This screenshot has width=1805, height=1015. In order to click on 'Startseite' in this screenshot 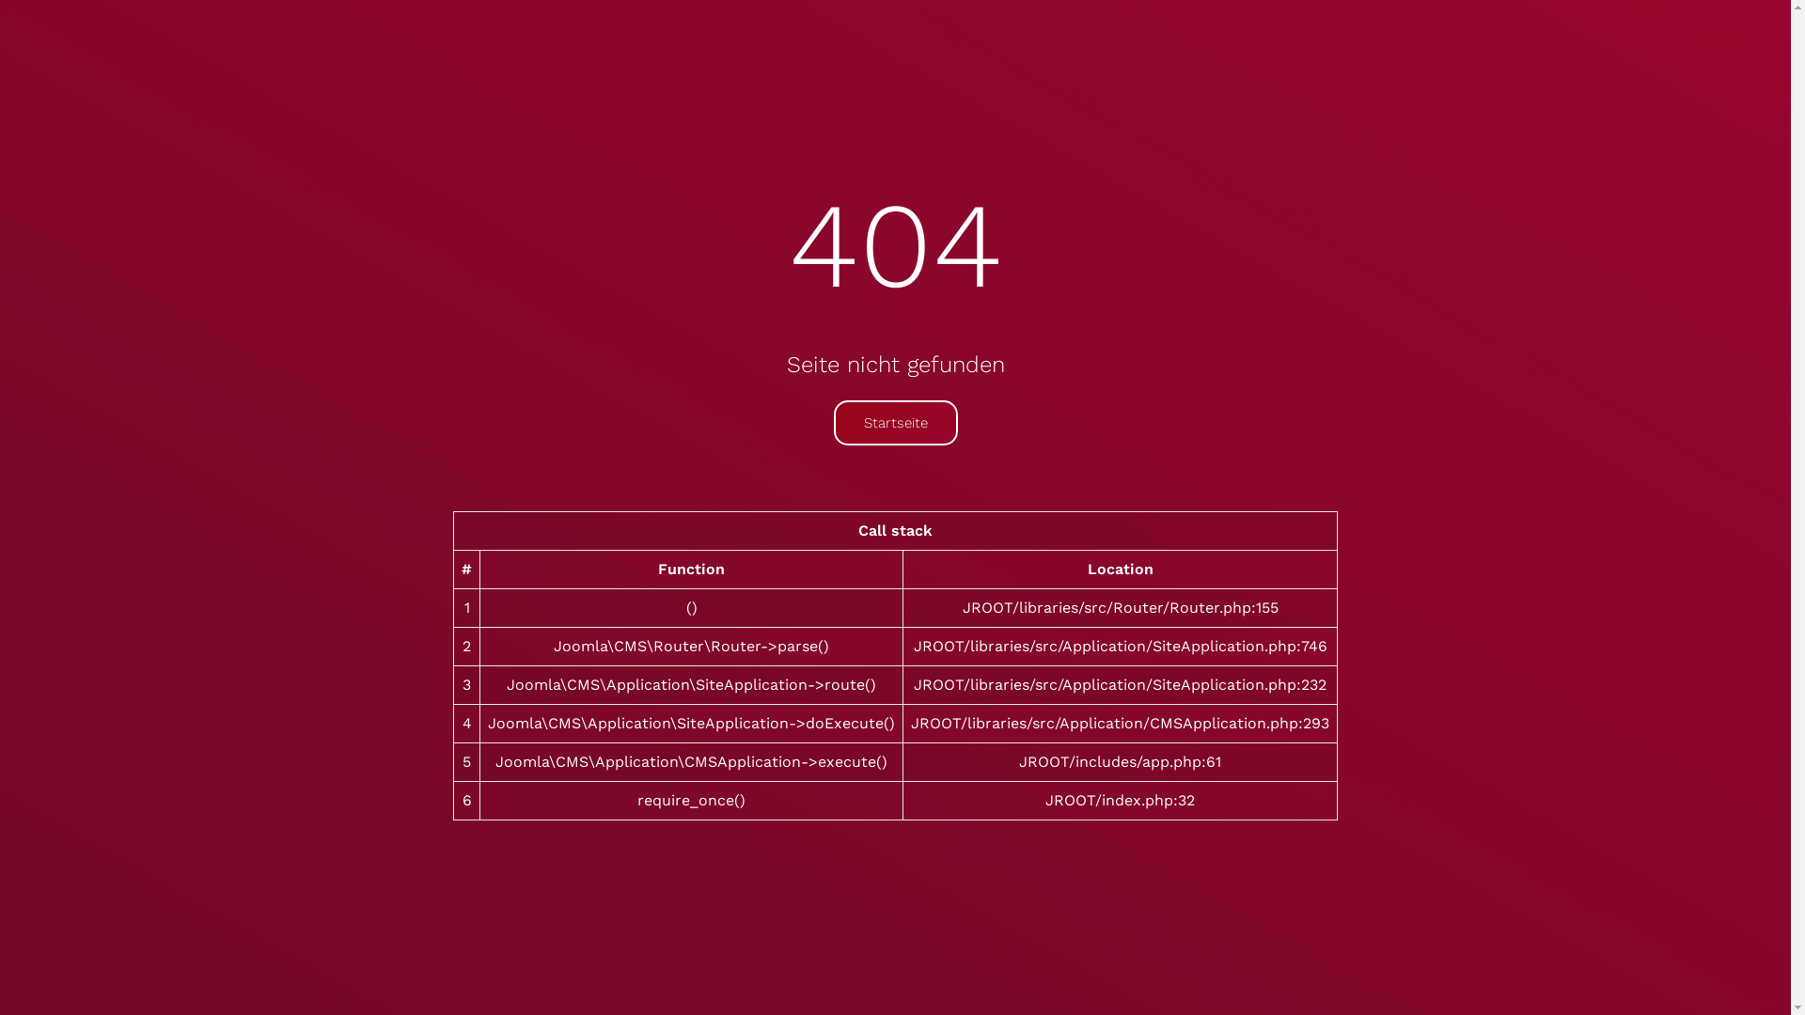, I will do `click(893, 423)`.